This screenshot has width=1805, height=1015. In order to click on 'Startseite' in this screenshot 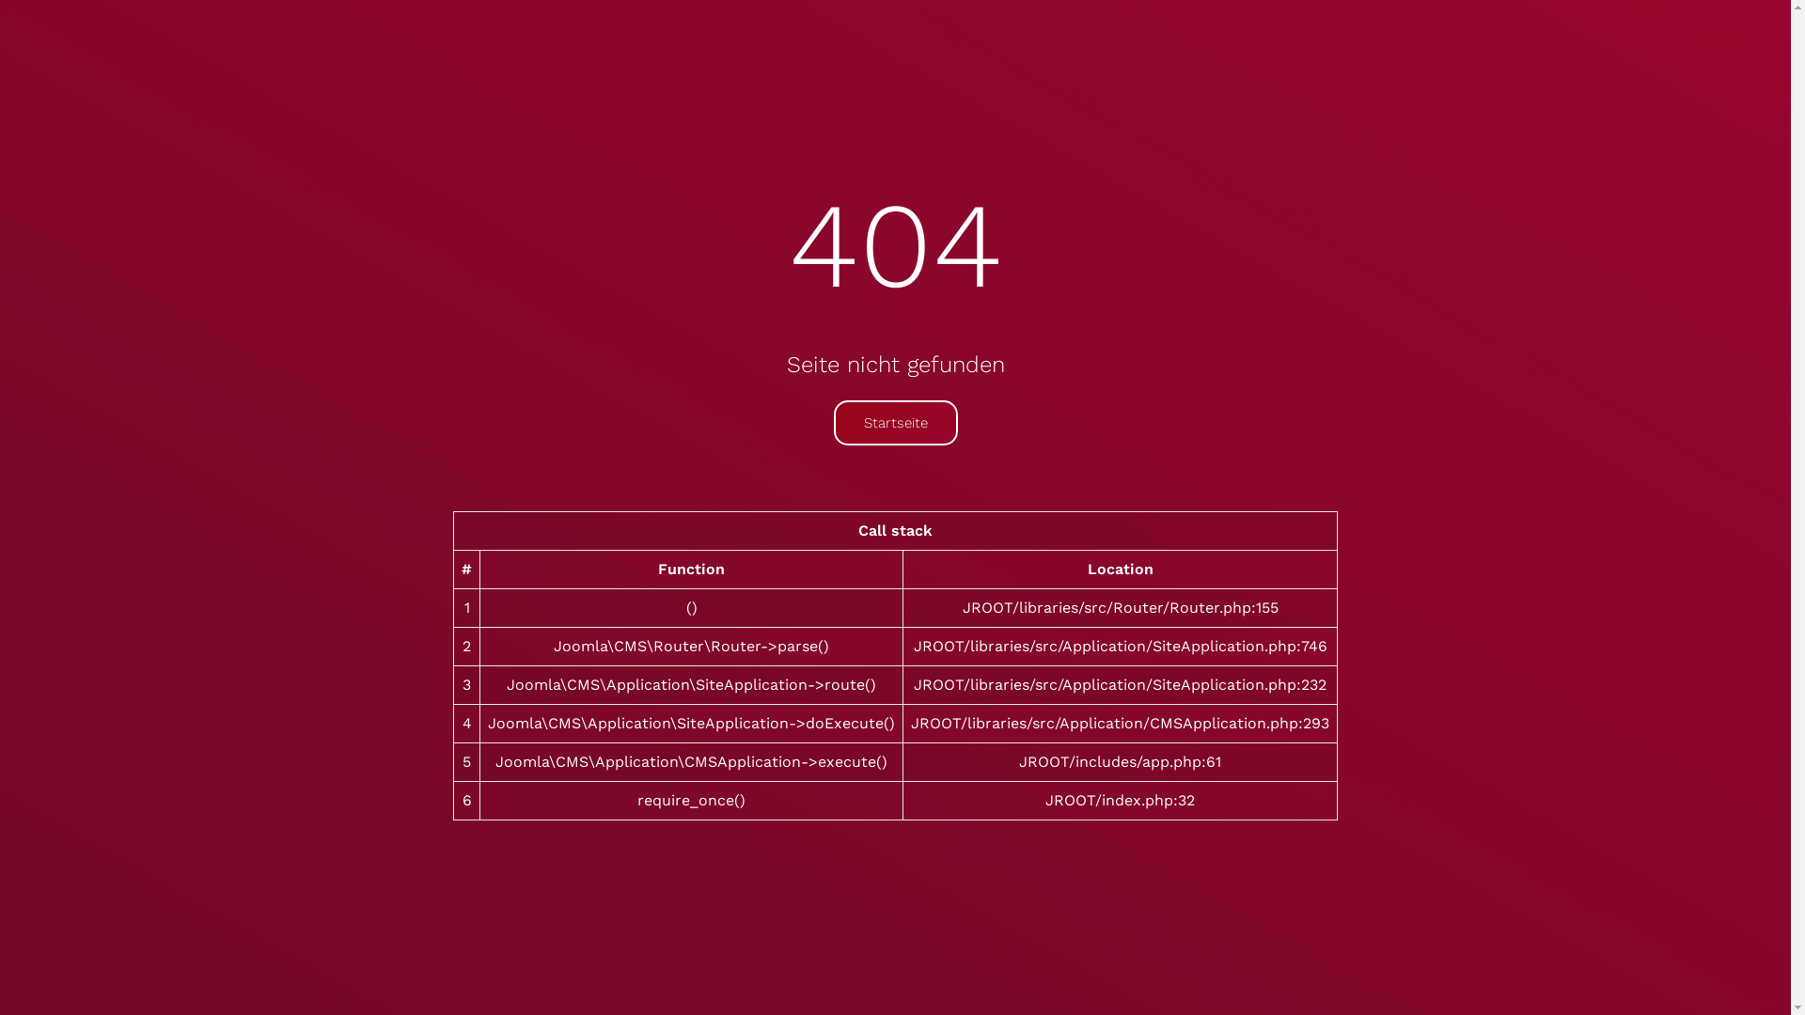, I will do `click(893, 423)`.